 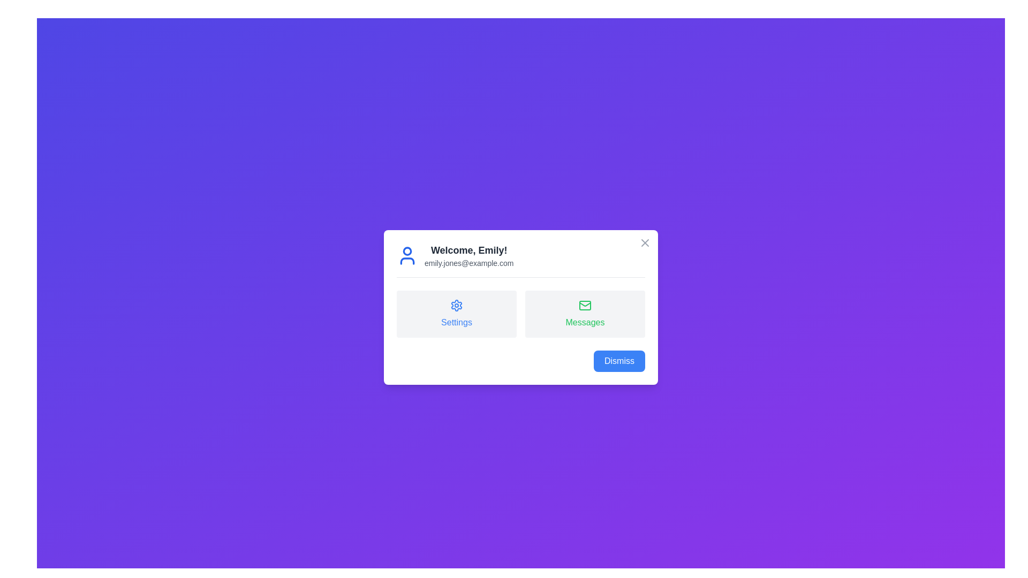 What do you see at coordinates (457, 313) in the screenshot?
I see `the interactive button labeled 'Settings' with a blue gear icon to observe its visual feedback` at bounding box center [457, 313].